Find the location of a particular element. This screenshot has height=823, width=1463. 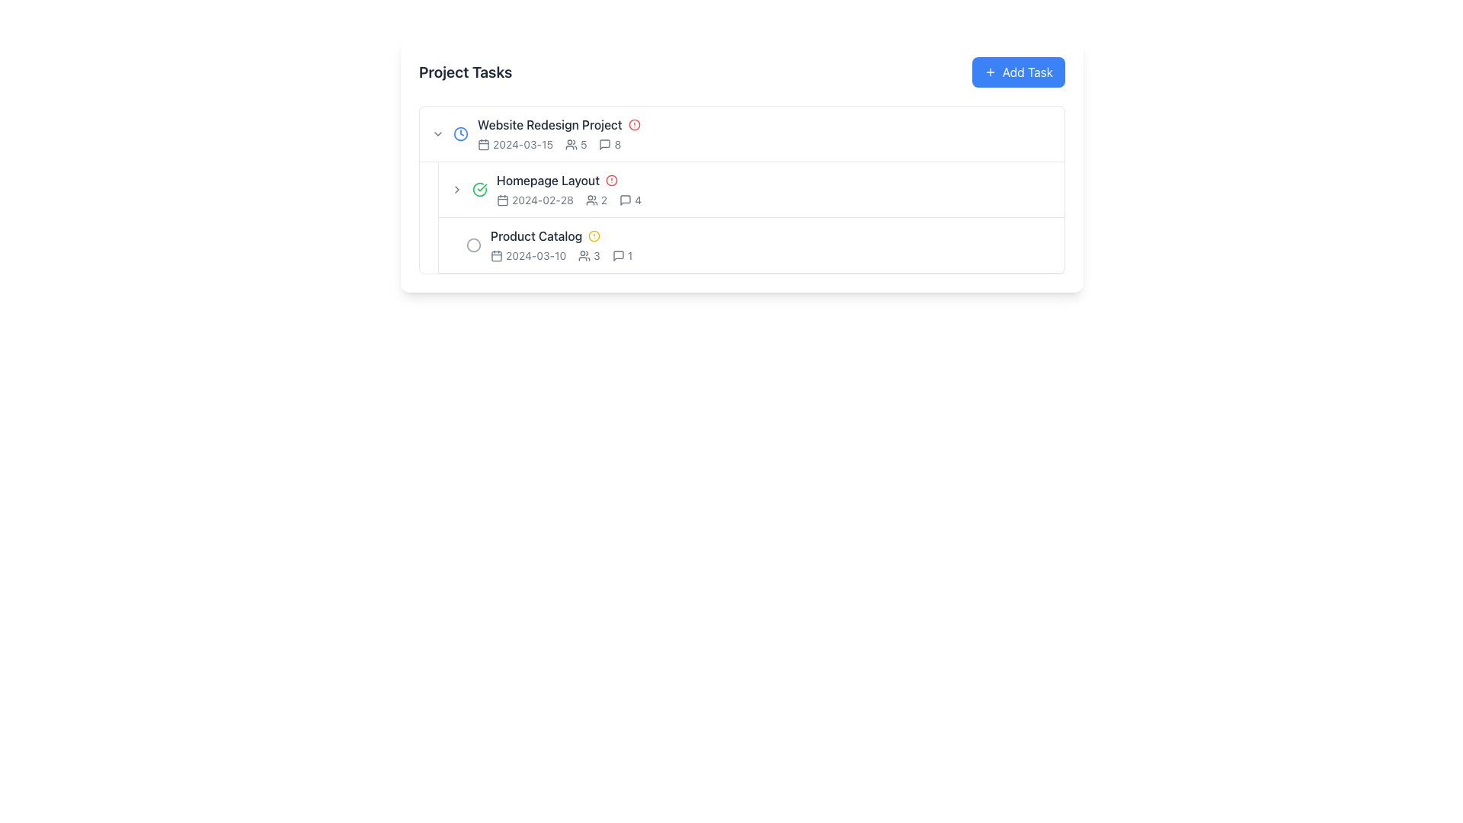

the green checkmark icon indicating the completed status of the 'Homepage Layout' task in the 'Project Tasks' interface is located at coordinates (479, 189).